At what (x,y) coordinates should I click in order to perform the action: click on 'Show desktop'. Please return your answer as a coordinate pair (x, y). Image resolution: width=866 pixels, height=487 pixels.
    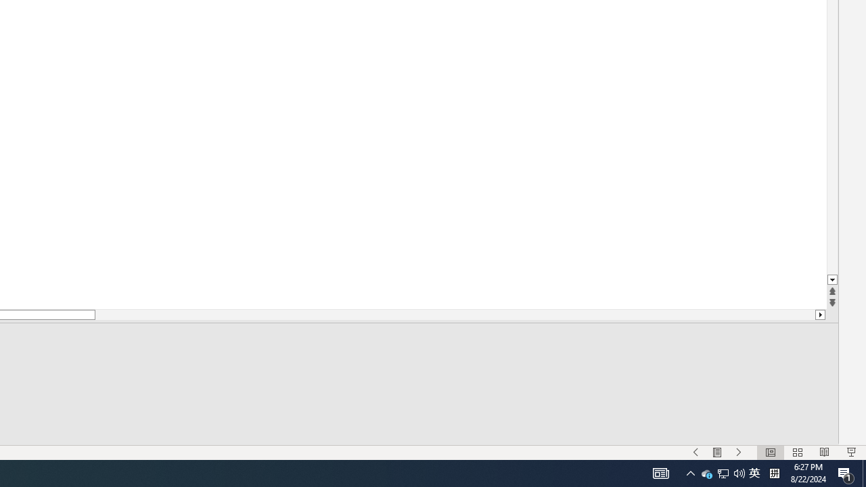
    Looking at the image, I should click on (863, 472).